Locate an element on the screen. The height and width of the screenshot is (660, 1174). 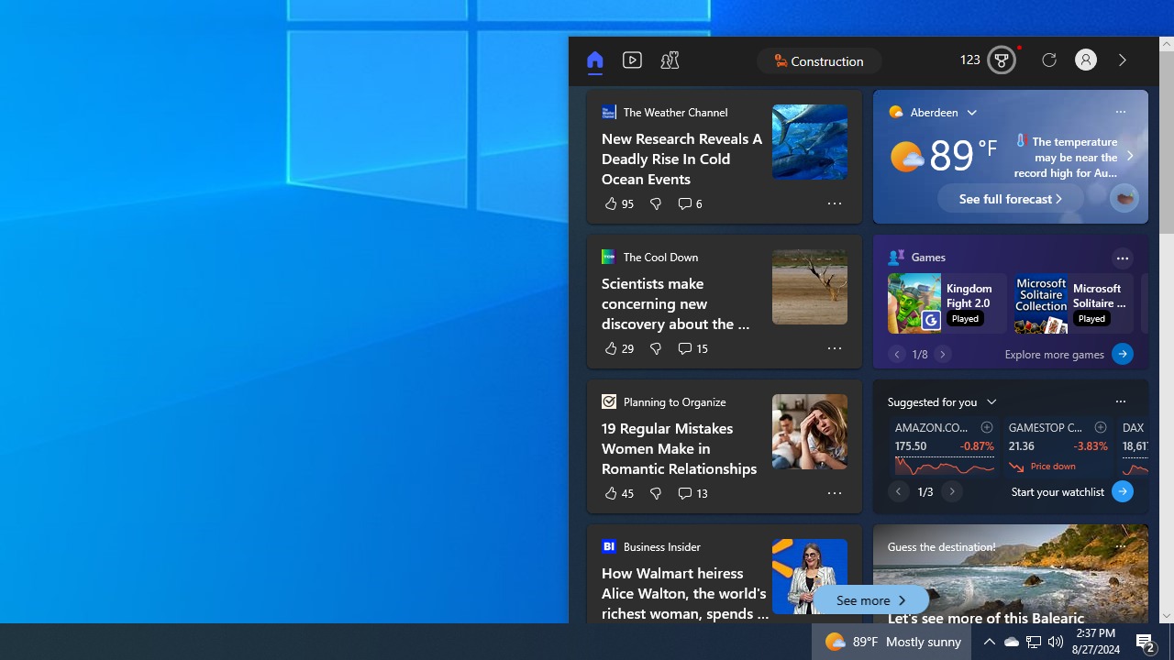
'Aberdeen' is located at coordinates (923, 112).